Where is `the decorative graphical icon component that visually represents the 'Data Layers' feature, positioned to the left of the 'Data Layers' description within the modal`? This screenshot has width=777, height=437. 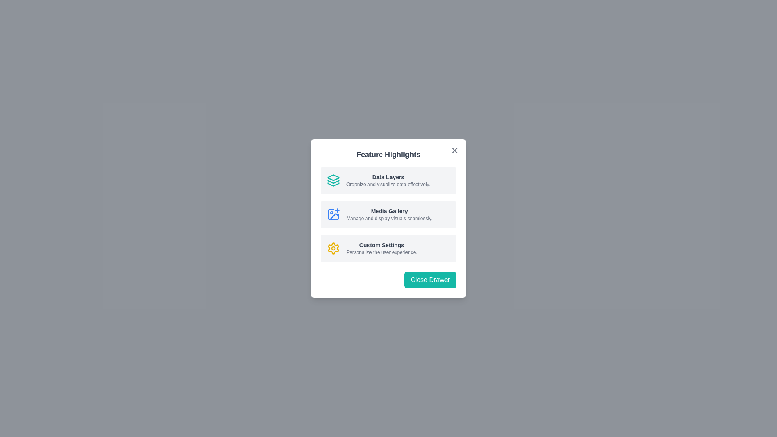 the decorative graphical icon component that visually represents the 'Data Layers' feature, positioned to the left of the 'Data Layers' description within the modal is located at coordinates (333, 181).